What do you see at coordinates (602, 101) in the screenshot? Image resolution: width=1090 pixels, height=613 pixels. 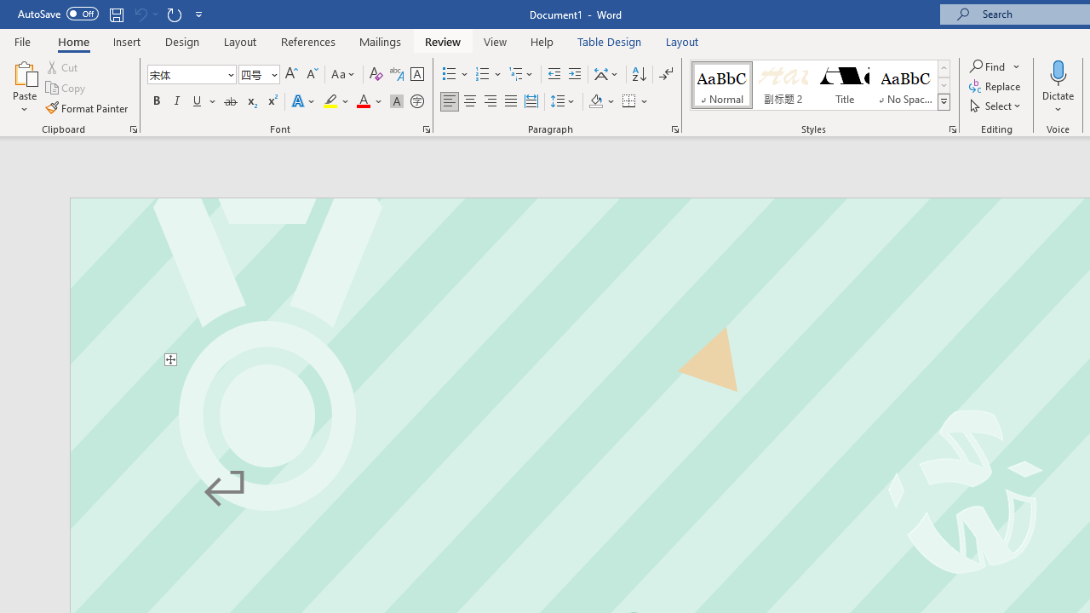 I see `'Shading'` at bounding box center [602, 101].